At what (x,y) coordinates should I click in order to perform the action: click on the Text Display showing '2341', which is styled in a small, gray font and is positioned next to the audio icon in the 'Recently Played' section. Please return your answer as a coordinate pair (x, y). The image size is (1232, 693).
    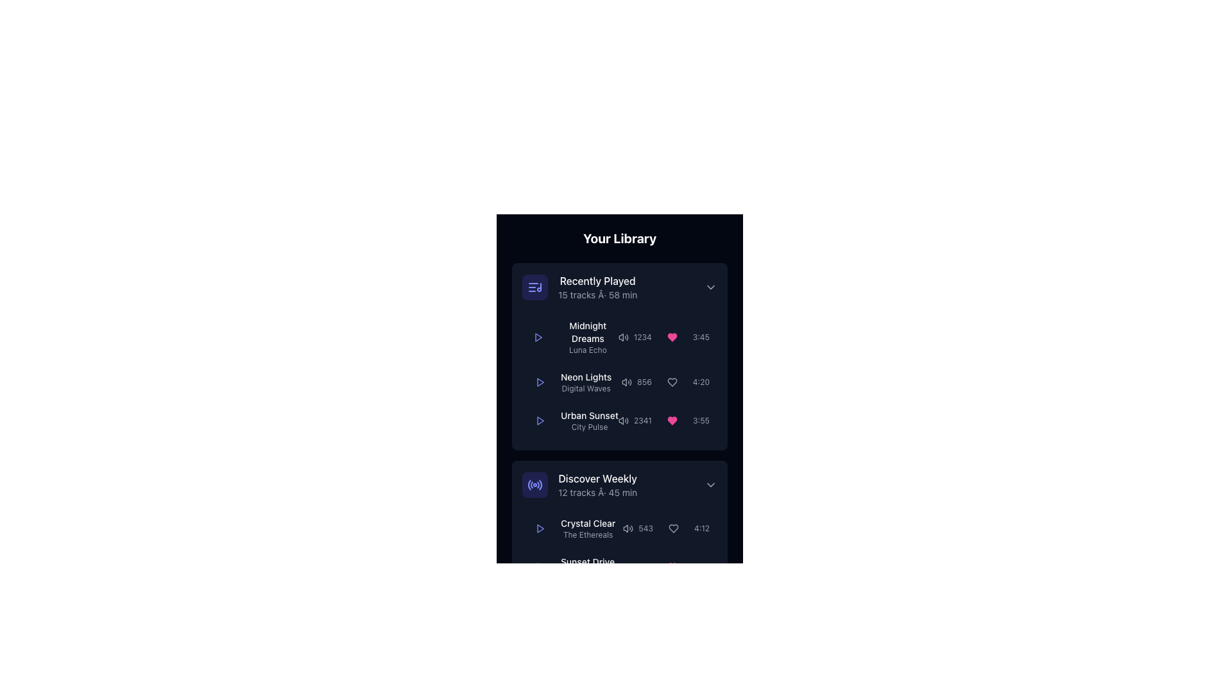
    Looking at the image, I should click on (635, 420).